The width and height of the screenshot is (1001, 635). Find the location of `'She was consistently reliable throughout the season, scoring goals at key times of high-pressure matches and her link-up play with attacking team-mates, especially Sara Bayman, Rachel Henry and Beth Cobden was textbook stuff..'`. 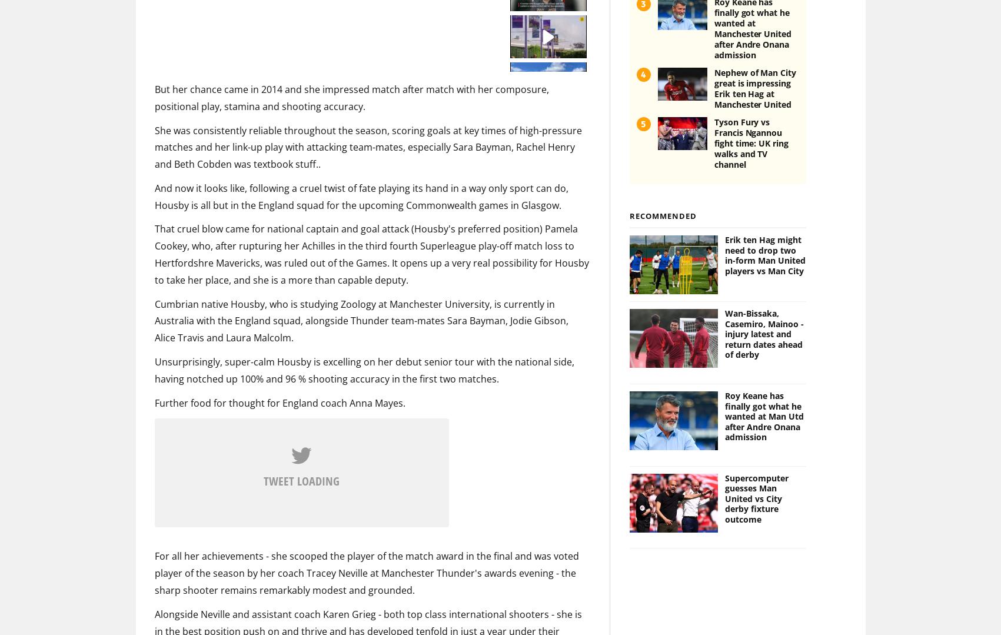

'She was consistently reliable throughout the season, scoring goals at key times of high-pressure matches and her link-up play with attacking team-mates, especially Sara Bayman, Rachel Henry and Beth Cobden was textbook stuff..' is located at coordinates (154, 127).